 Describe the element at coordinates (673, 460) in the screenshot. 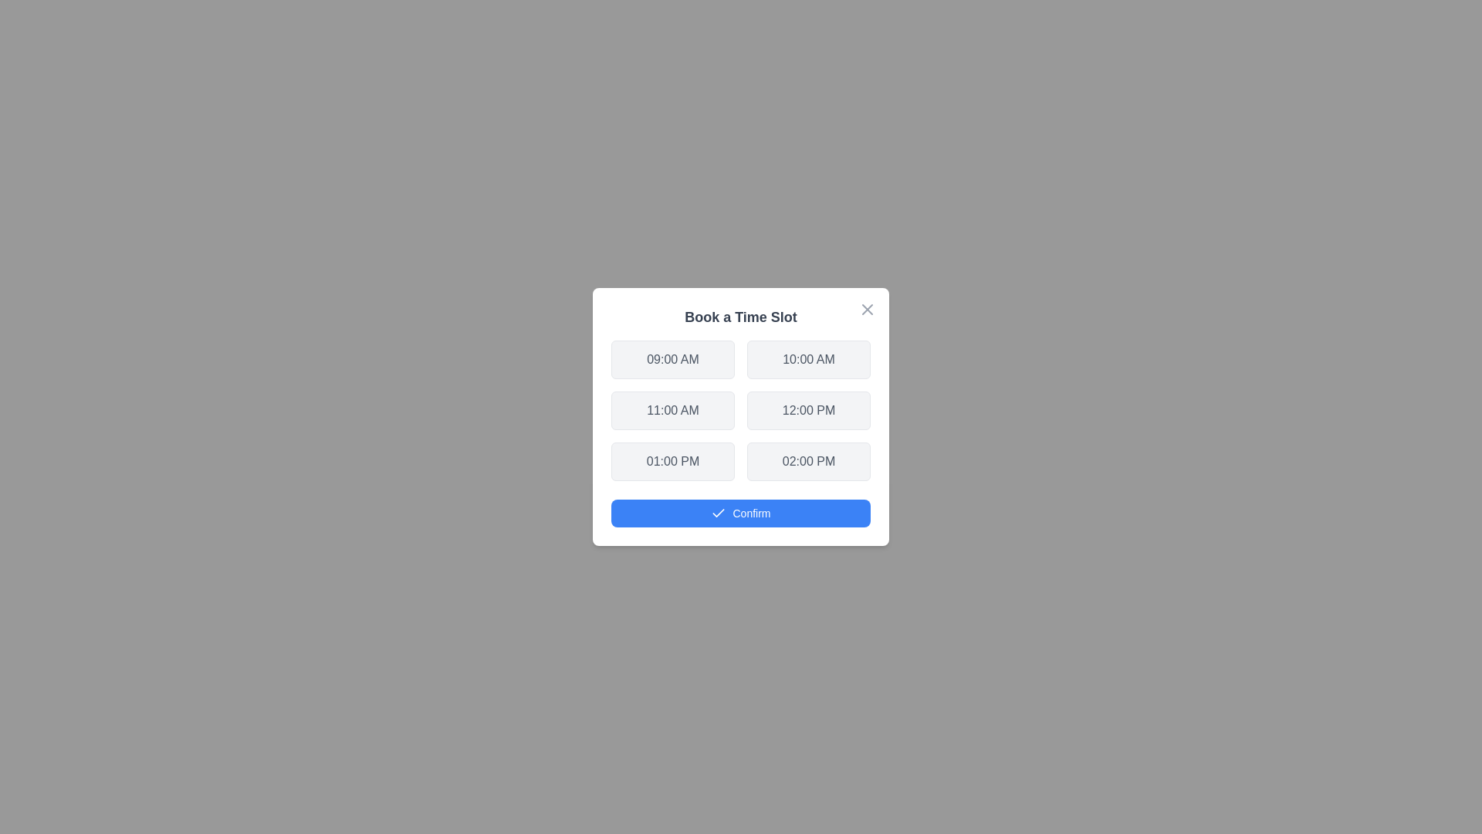

I see `the time slot 01:00 PM by clicking on its button` at that location.